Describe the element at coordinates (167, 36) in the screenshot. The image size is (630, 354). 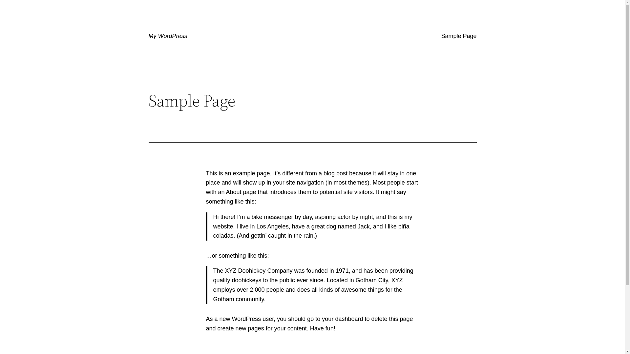
I see `'My WordPress'` at that location.